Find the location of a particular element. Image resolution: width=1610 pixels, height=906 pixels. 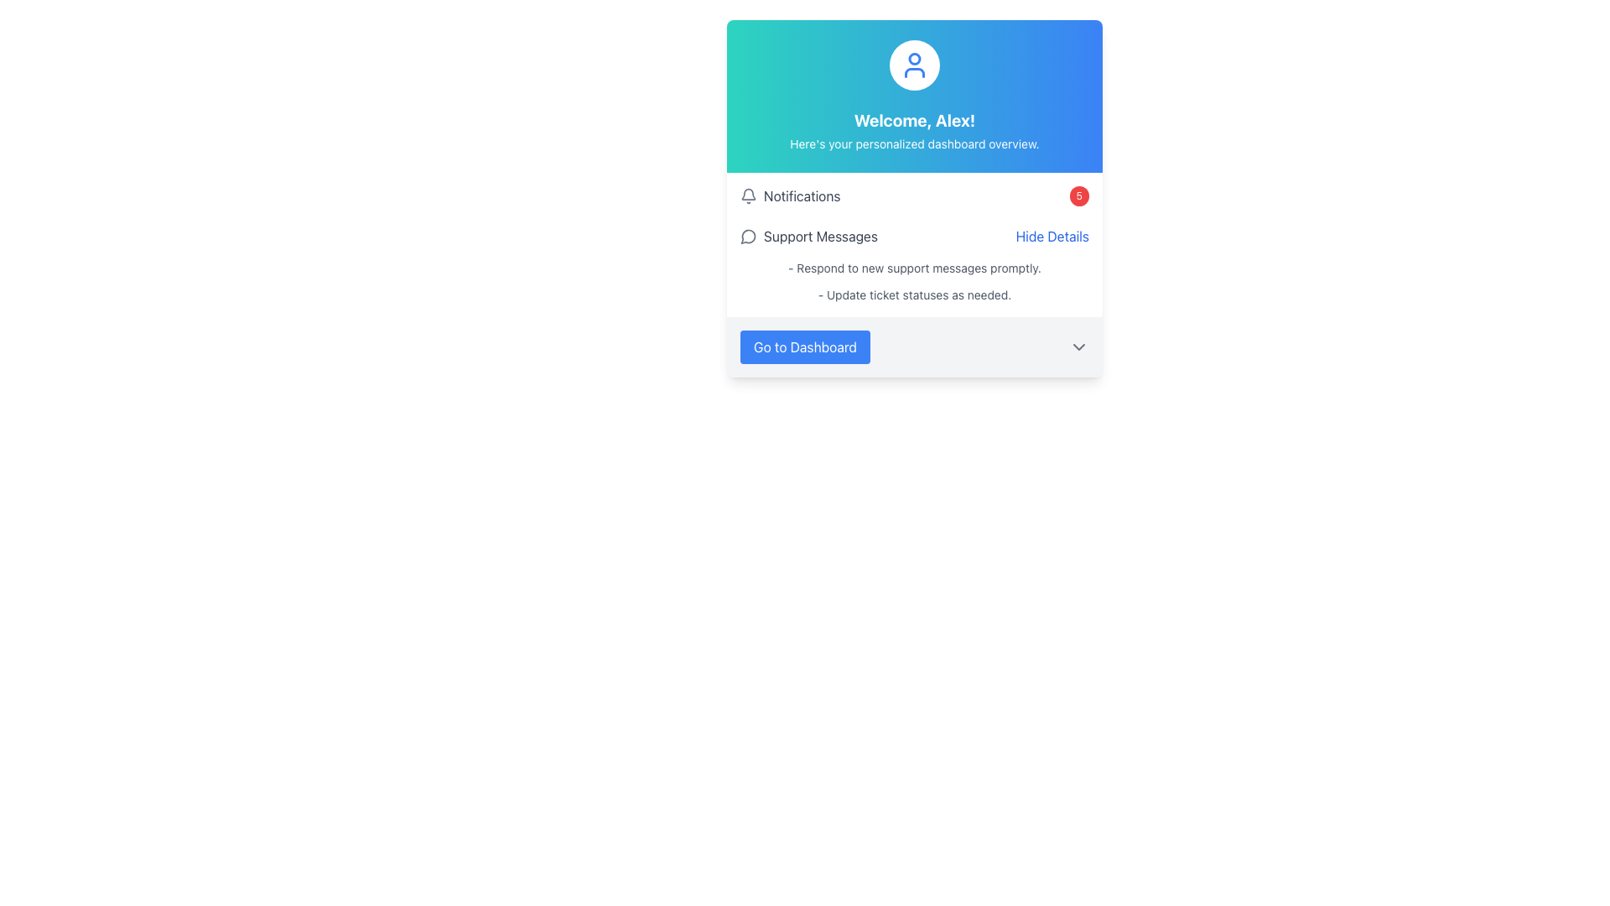

the 'Support Messages' label with icon, which is the first element in the horizontal layout box located below the 'Notifications' heading is located at coordinates (808, 236).